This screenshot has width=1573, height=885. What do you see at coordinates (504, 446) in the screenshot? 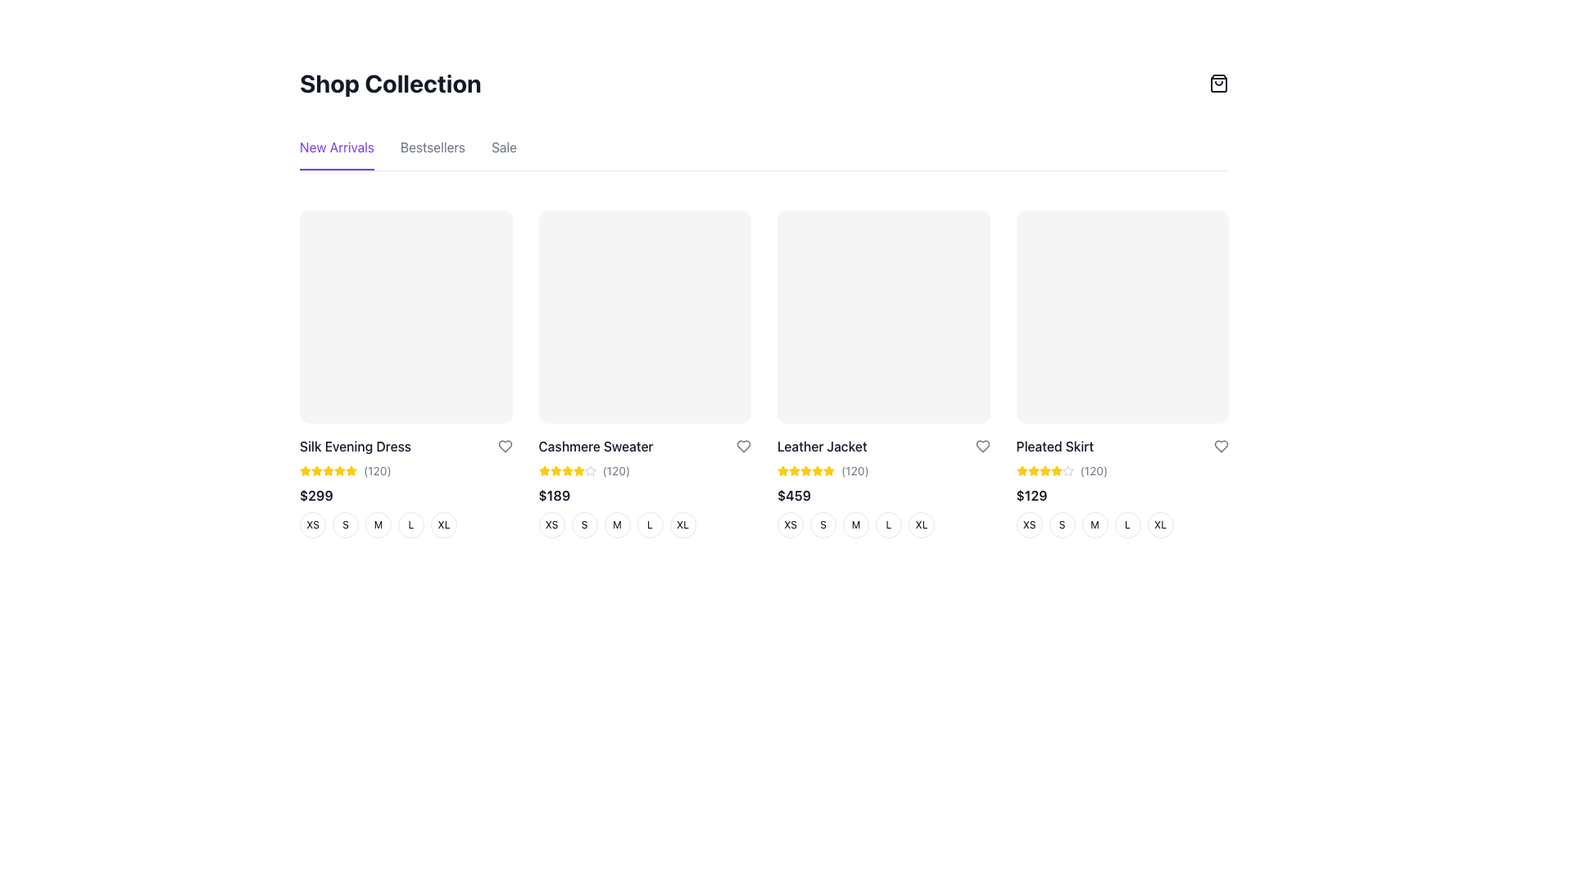
I see `the heart icon located in the second product card of the 'New Arrivals' section` at bounding box center [504, 446].